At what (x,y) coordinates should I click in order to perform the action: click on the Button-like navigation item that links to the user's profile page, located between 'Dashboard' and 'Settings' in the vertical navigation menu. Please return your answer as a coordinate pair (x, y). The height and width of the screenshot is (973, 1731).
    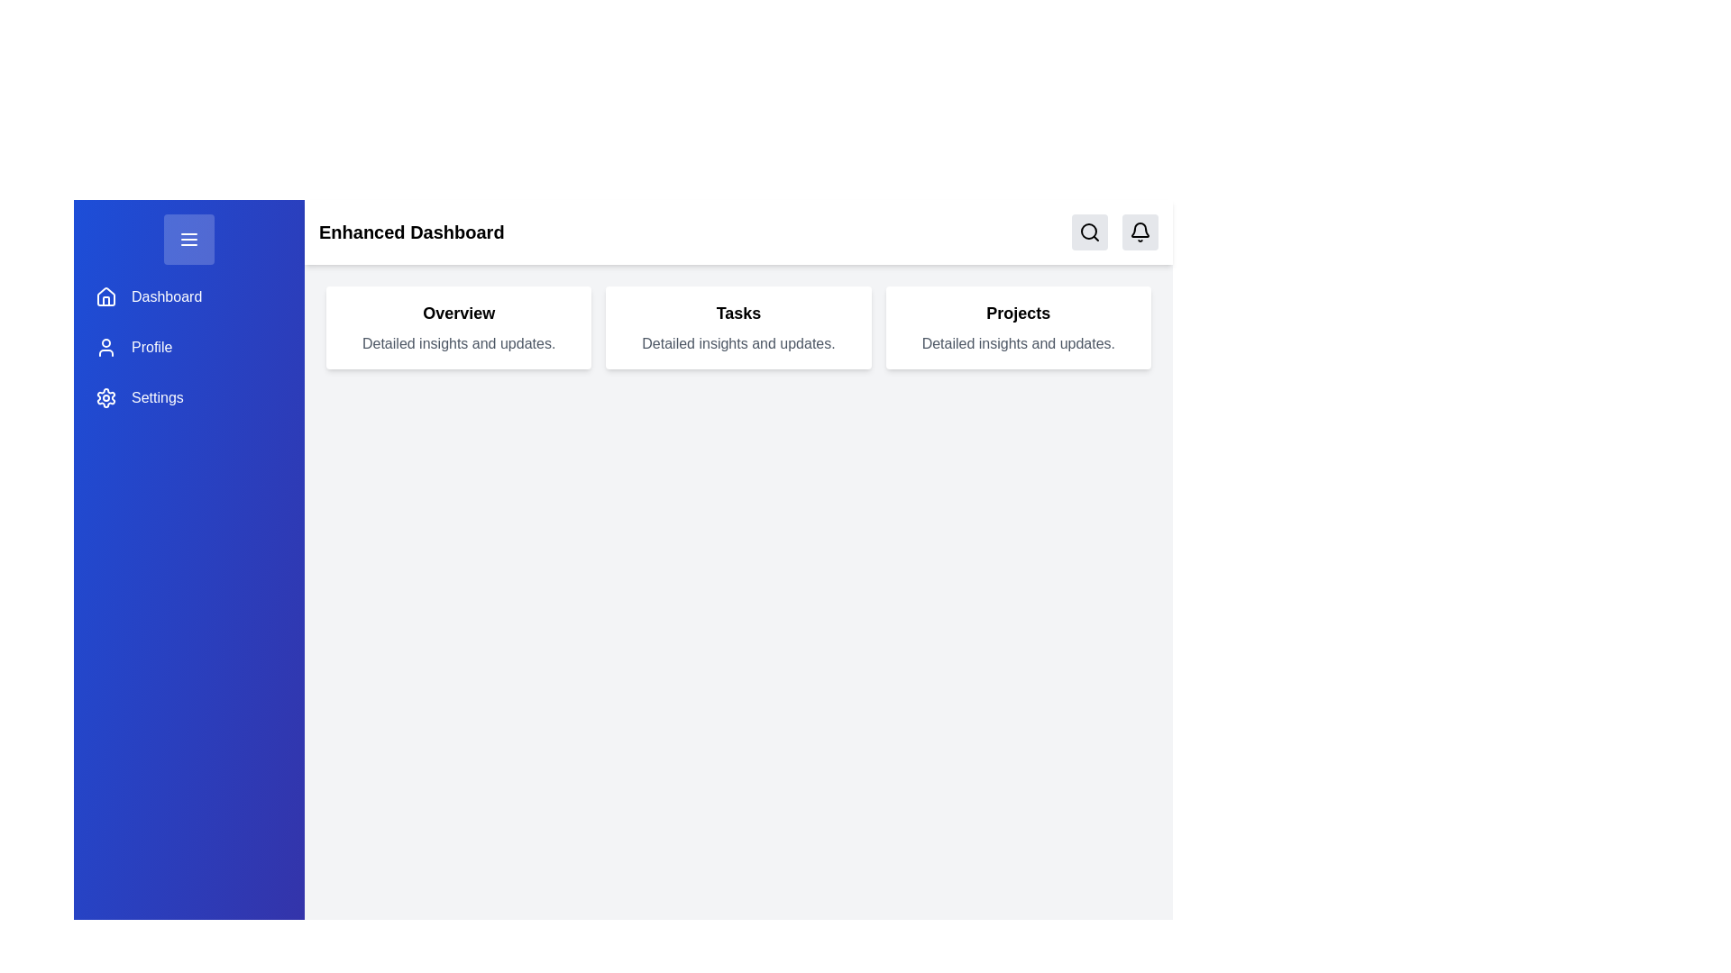
    Looking at the image, I should click on (189, 347).